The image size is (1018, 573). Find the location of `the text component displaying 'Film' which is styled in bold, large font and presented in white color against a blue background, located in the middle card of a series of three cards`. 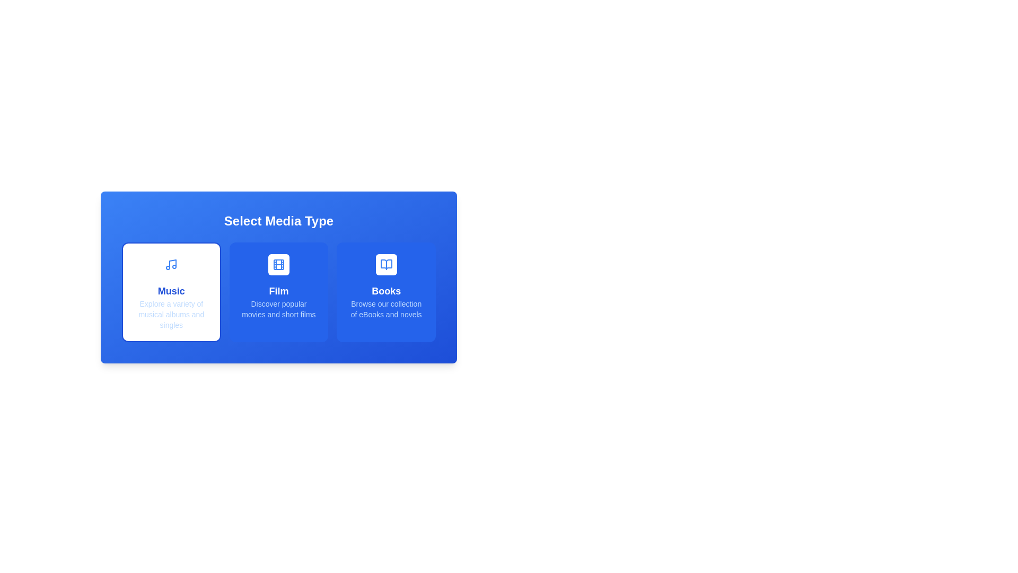

the text component displaying 'Film' which is styled in bold, large font and presented in white color against a blue background, located in the middle card of a series of three cards is located at coordinates (279, 291).